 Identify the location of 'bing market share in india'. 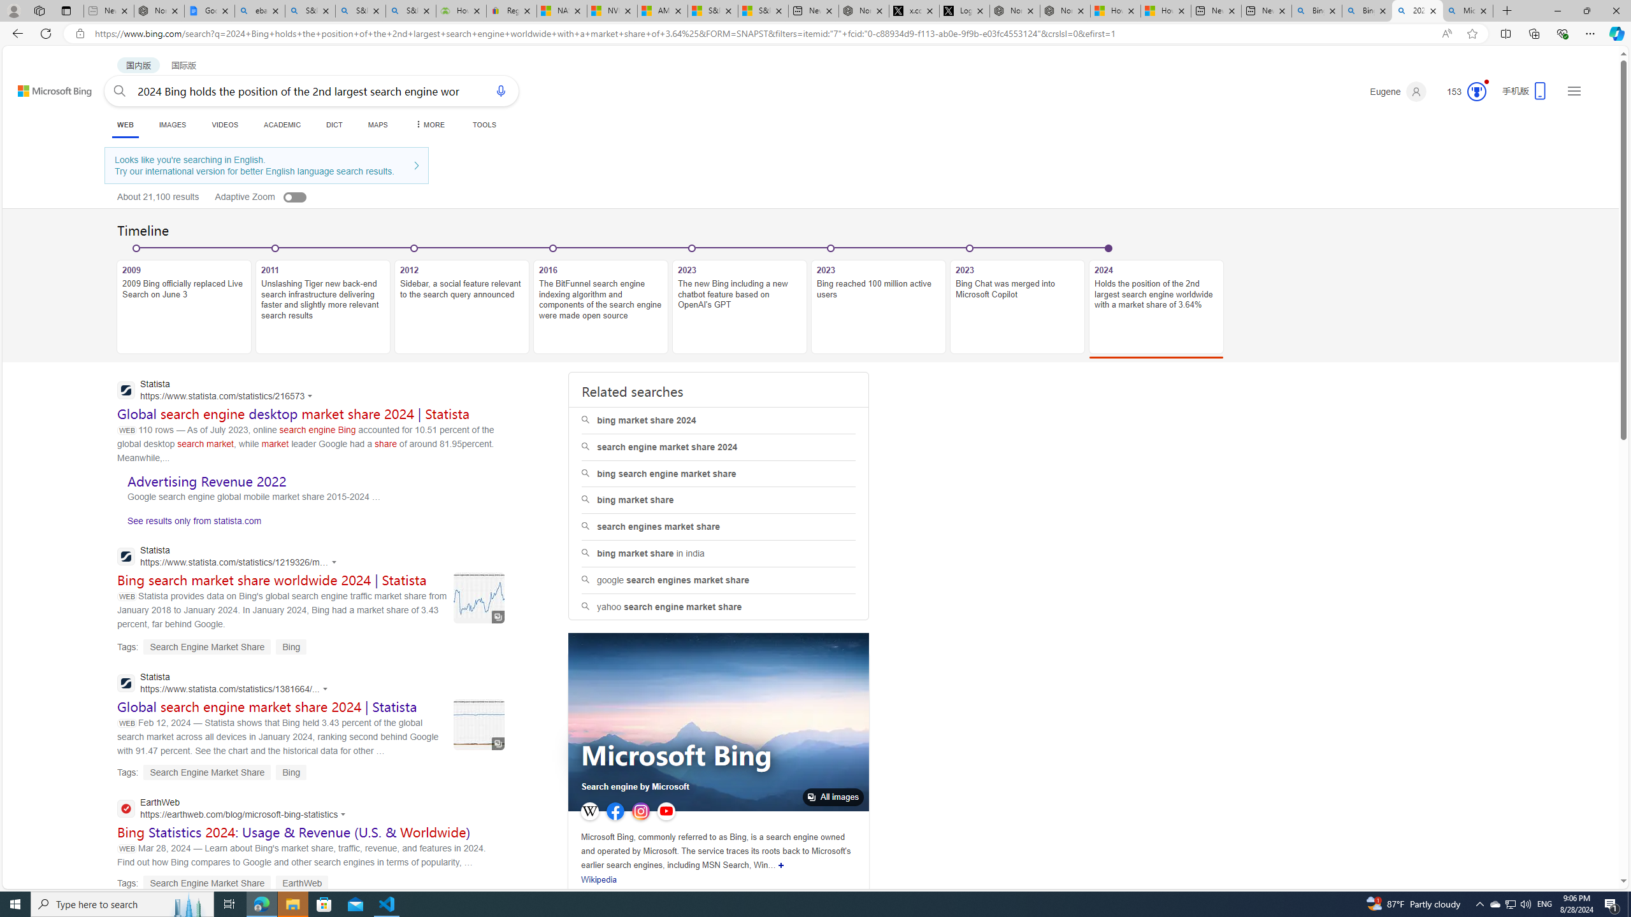
(719, 553).